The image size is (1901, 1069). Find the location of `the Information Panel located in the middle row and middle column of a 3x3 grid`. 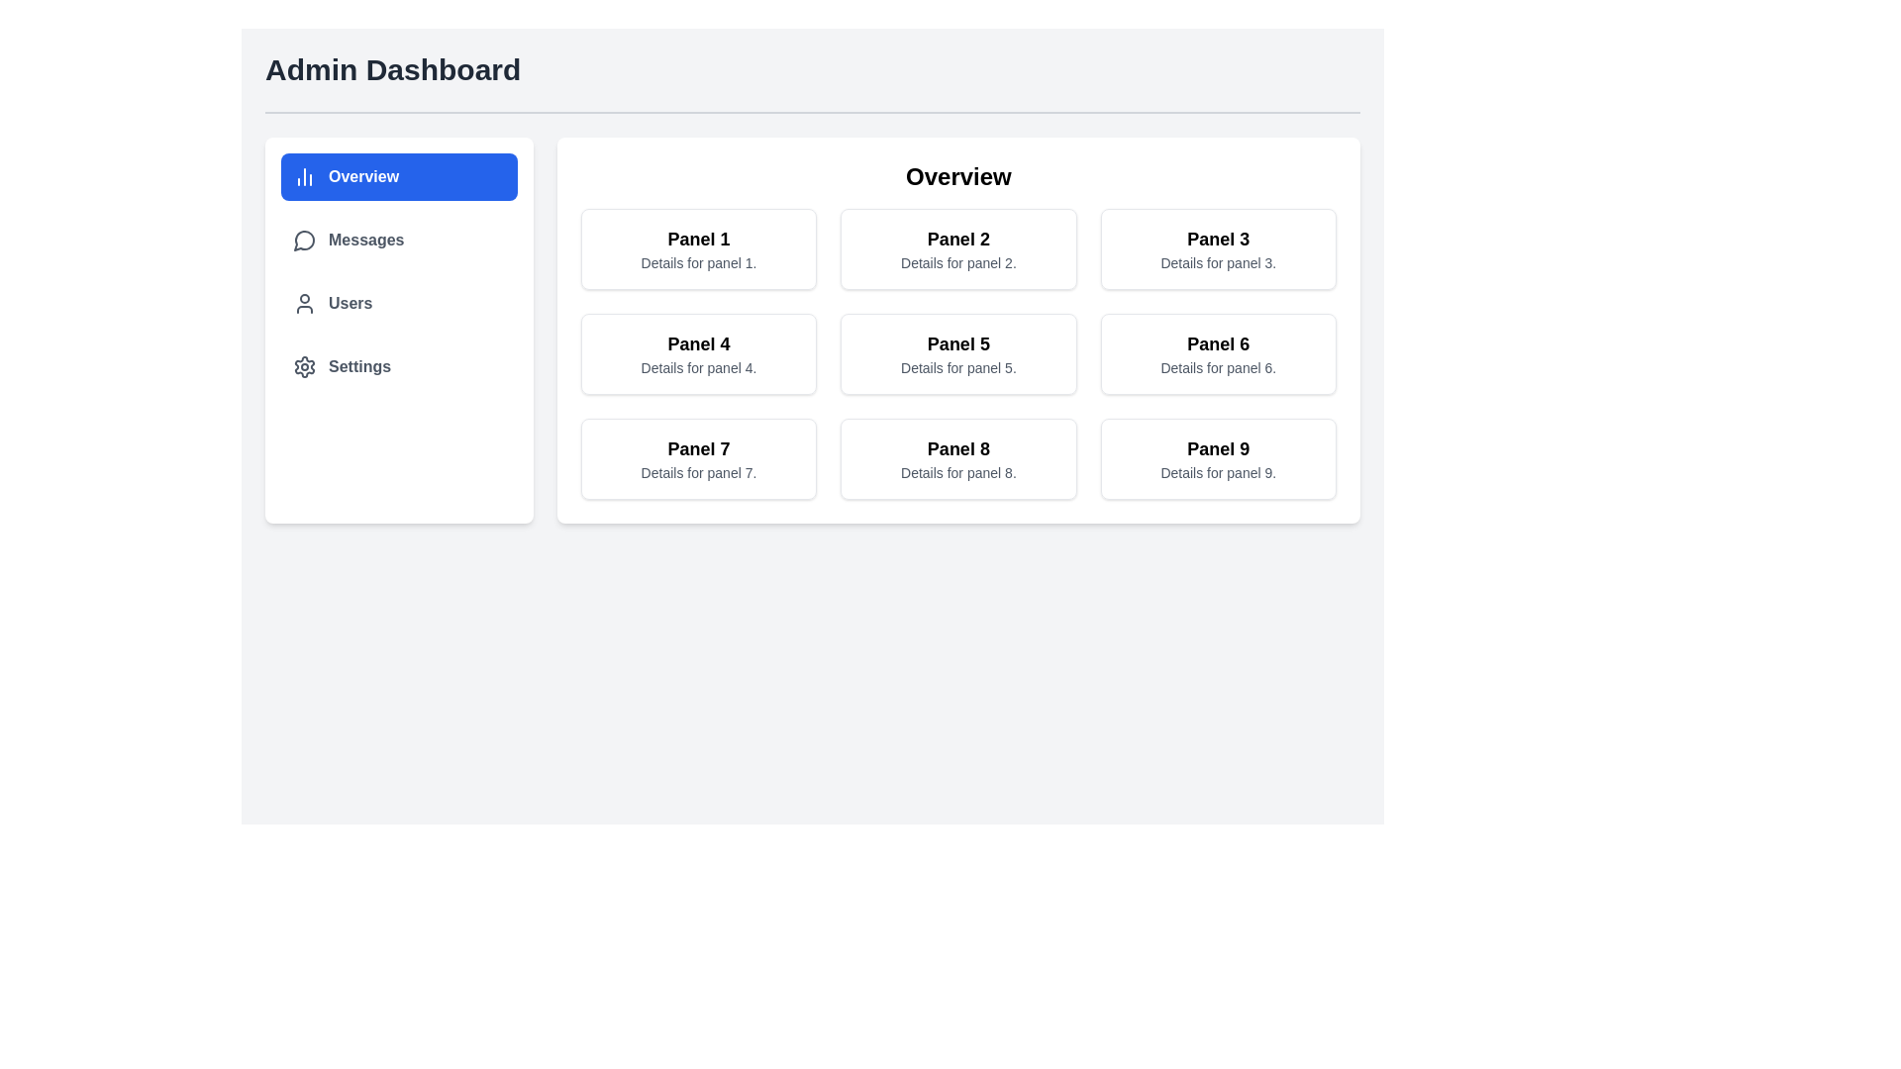

the Information Panel located in the middle row and middle column of a 3x3 grid is located at coordinates (958, 353).